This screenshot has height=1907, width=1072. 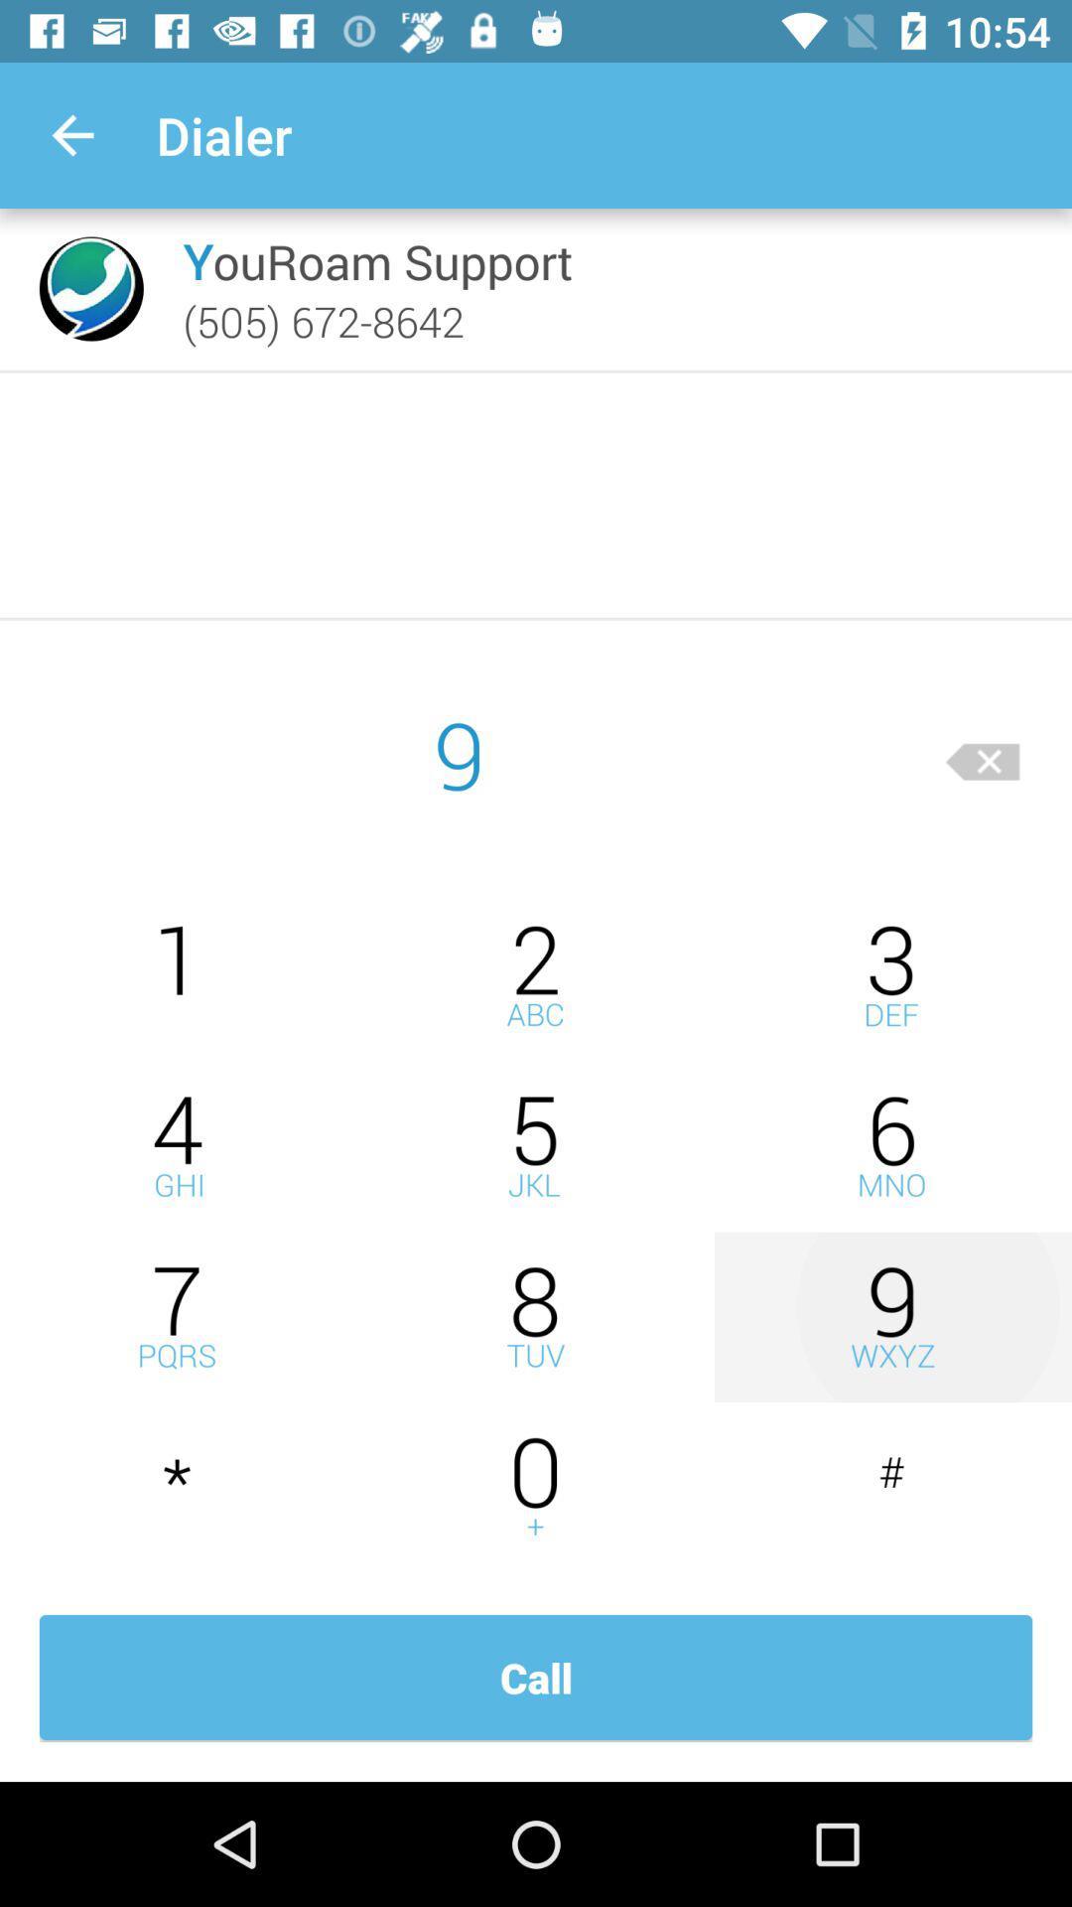 I want to click on slect eight, so click(x=536, y=1317).